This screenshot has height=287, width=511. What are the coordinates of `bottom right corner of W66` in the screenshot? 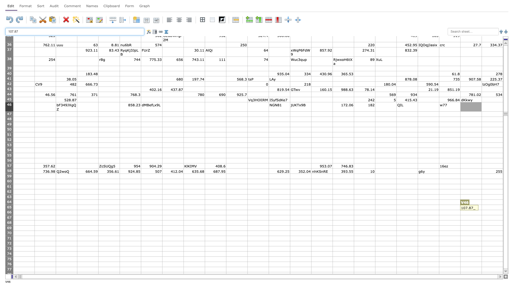 It's located at (503, 215).